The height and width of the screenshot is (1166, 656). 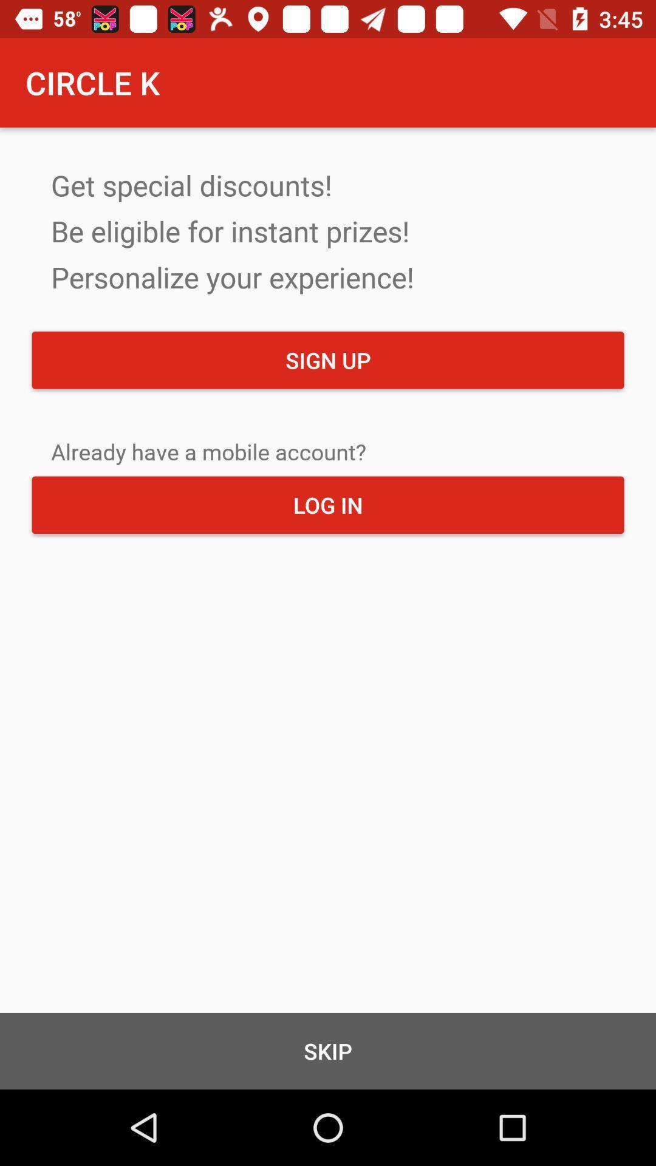 What do you see at coordinates (328, 360) in the screenshot?
I see `the item below the get special discounts item` at bounding box center [328, 360].